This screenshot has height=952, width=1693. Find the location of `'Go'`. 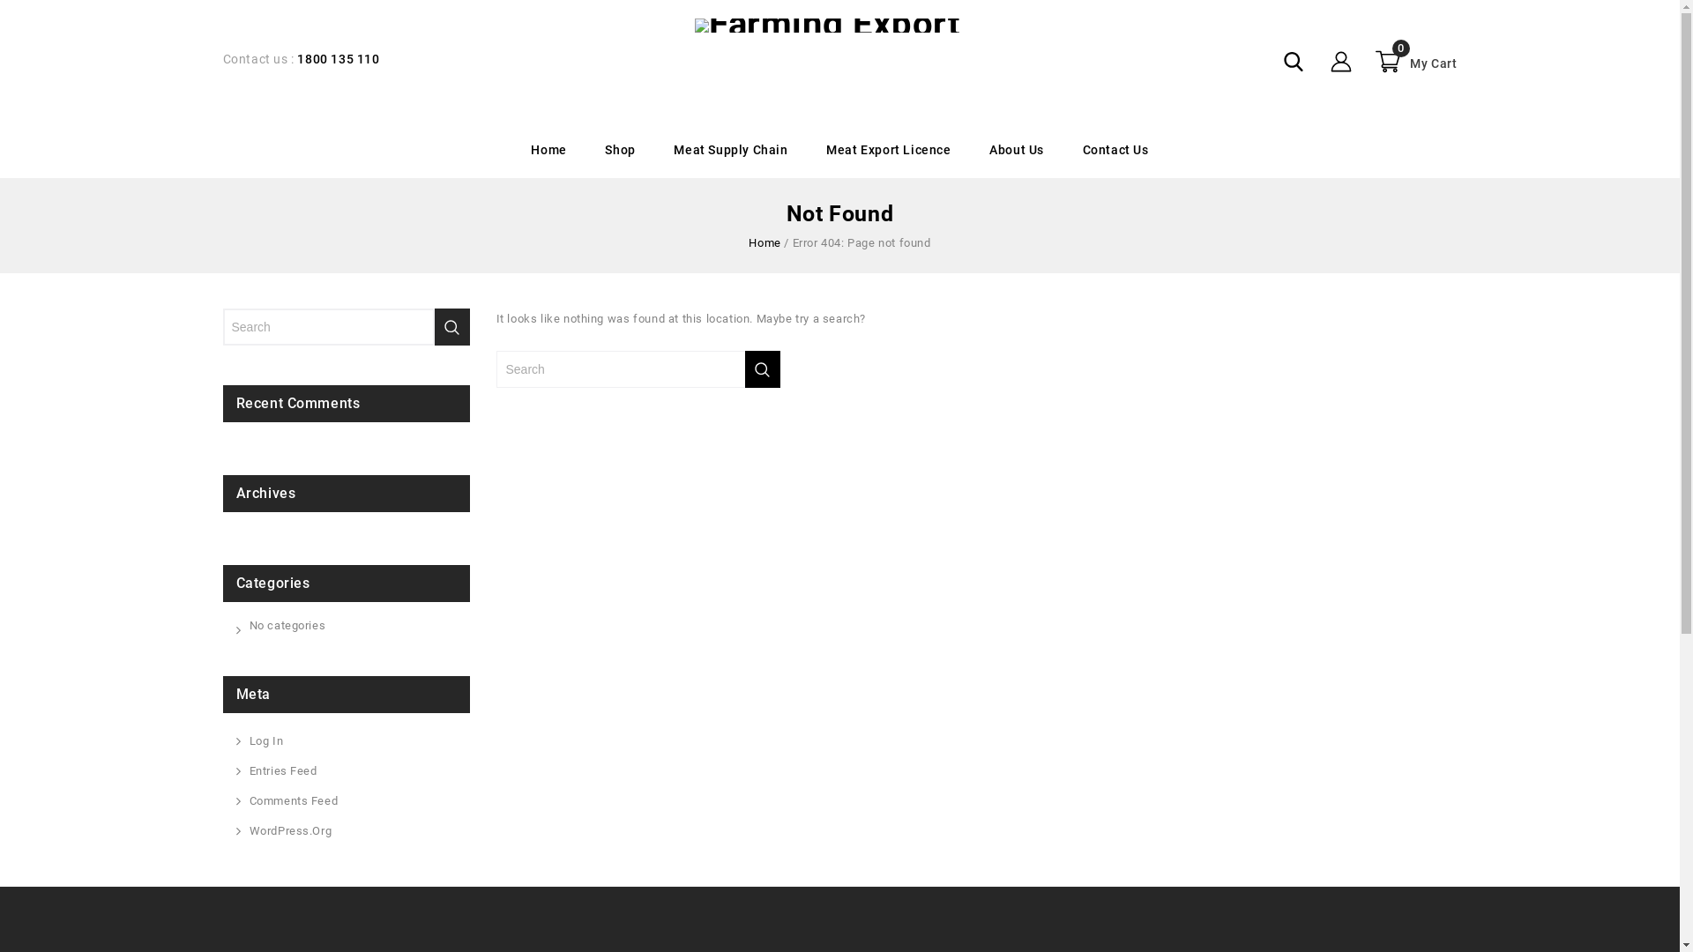

'Go' is located at coordinates (744, 368).